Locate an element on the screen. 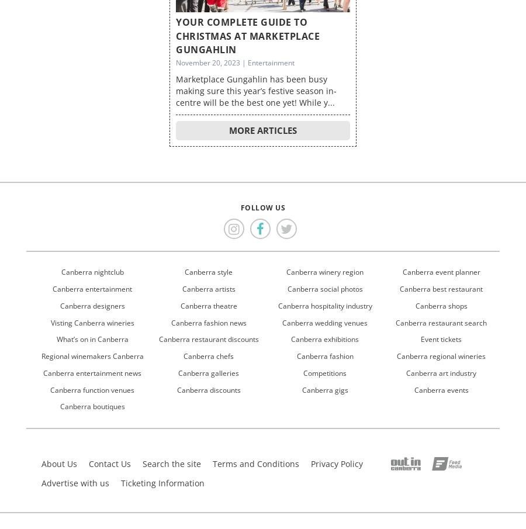 The image size is (526, 529). 'Marketplace Gungahlin has been busy making sure this year’s festive season in-centre will be the best one yet! While y...' is located at coordinates (175, 90).